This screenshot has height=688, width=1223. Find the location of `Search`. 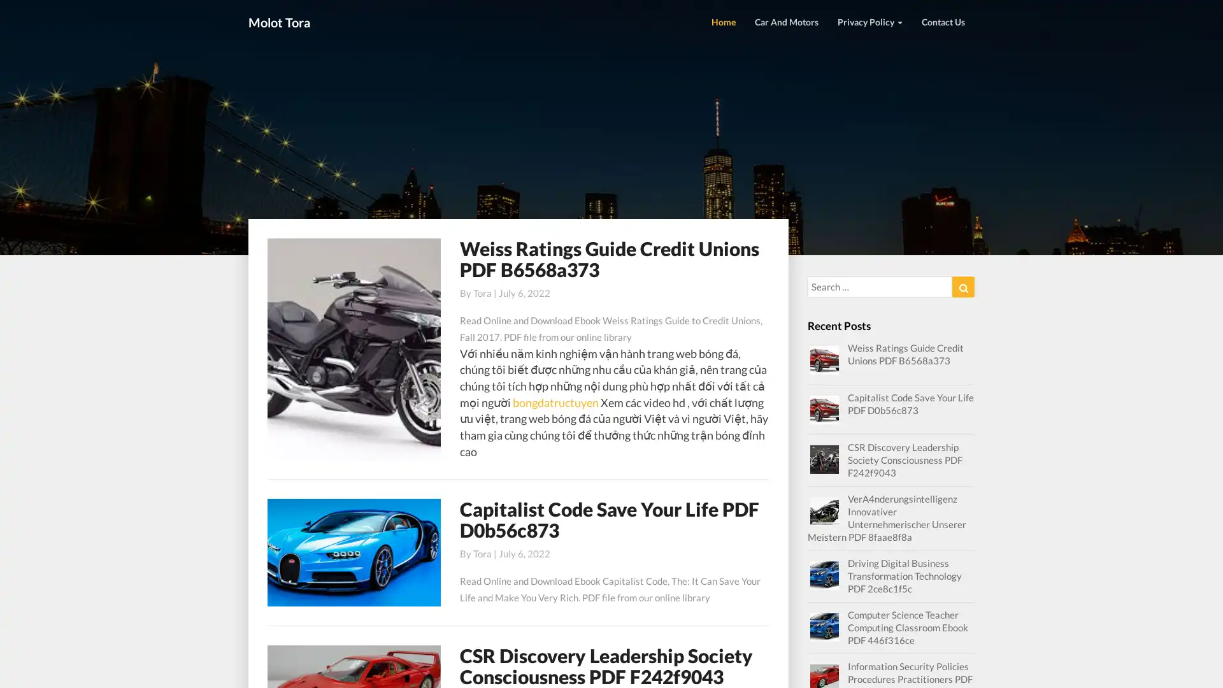

Search is located at coordinates (963, 287).